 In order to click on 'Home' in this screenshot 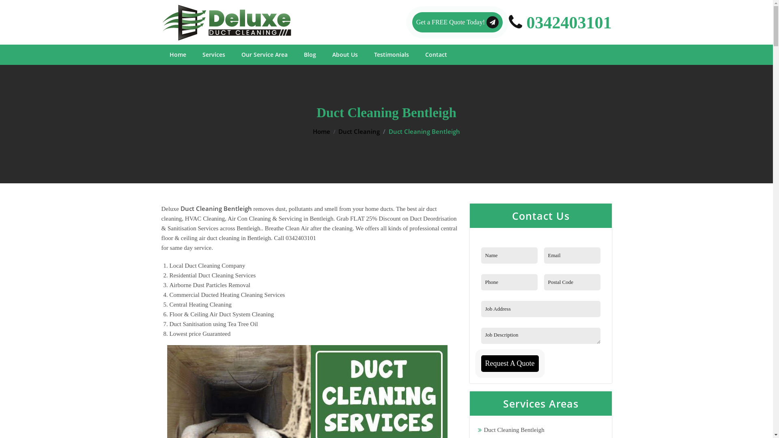, I will do `click(321, 131)`.